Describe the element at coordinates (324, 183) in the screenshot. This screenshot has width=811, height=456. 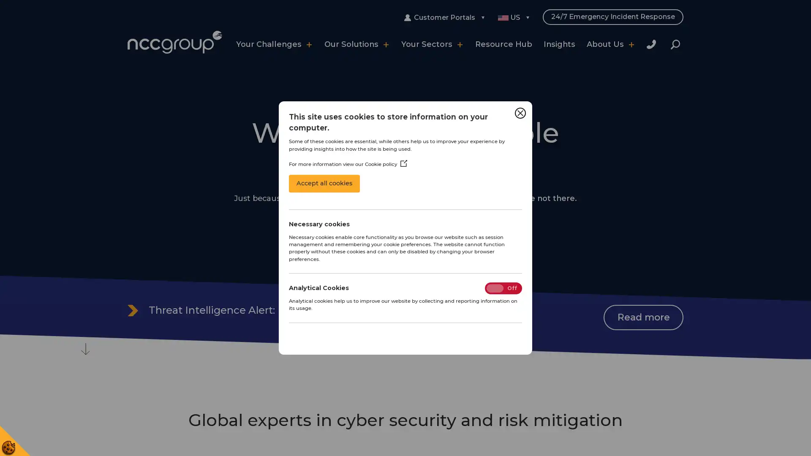
I see `Accept all cookies` at that location.